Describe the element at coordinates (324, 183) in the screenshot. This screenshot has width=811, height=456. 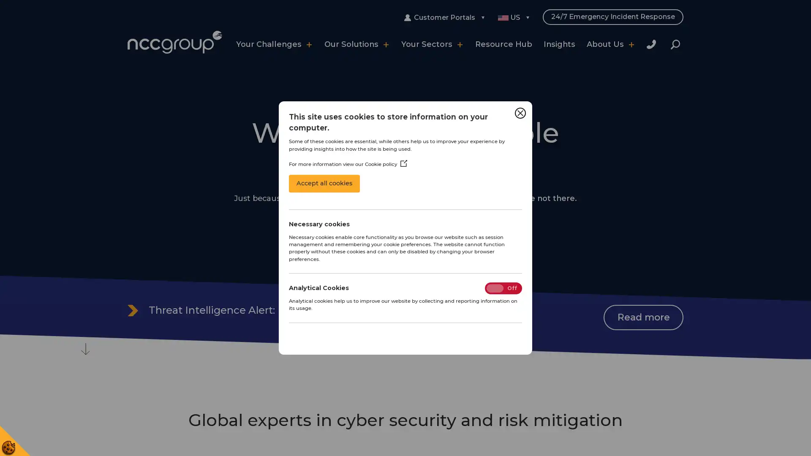
I see `Accept all cookies` at that location.